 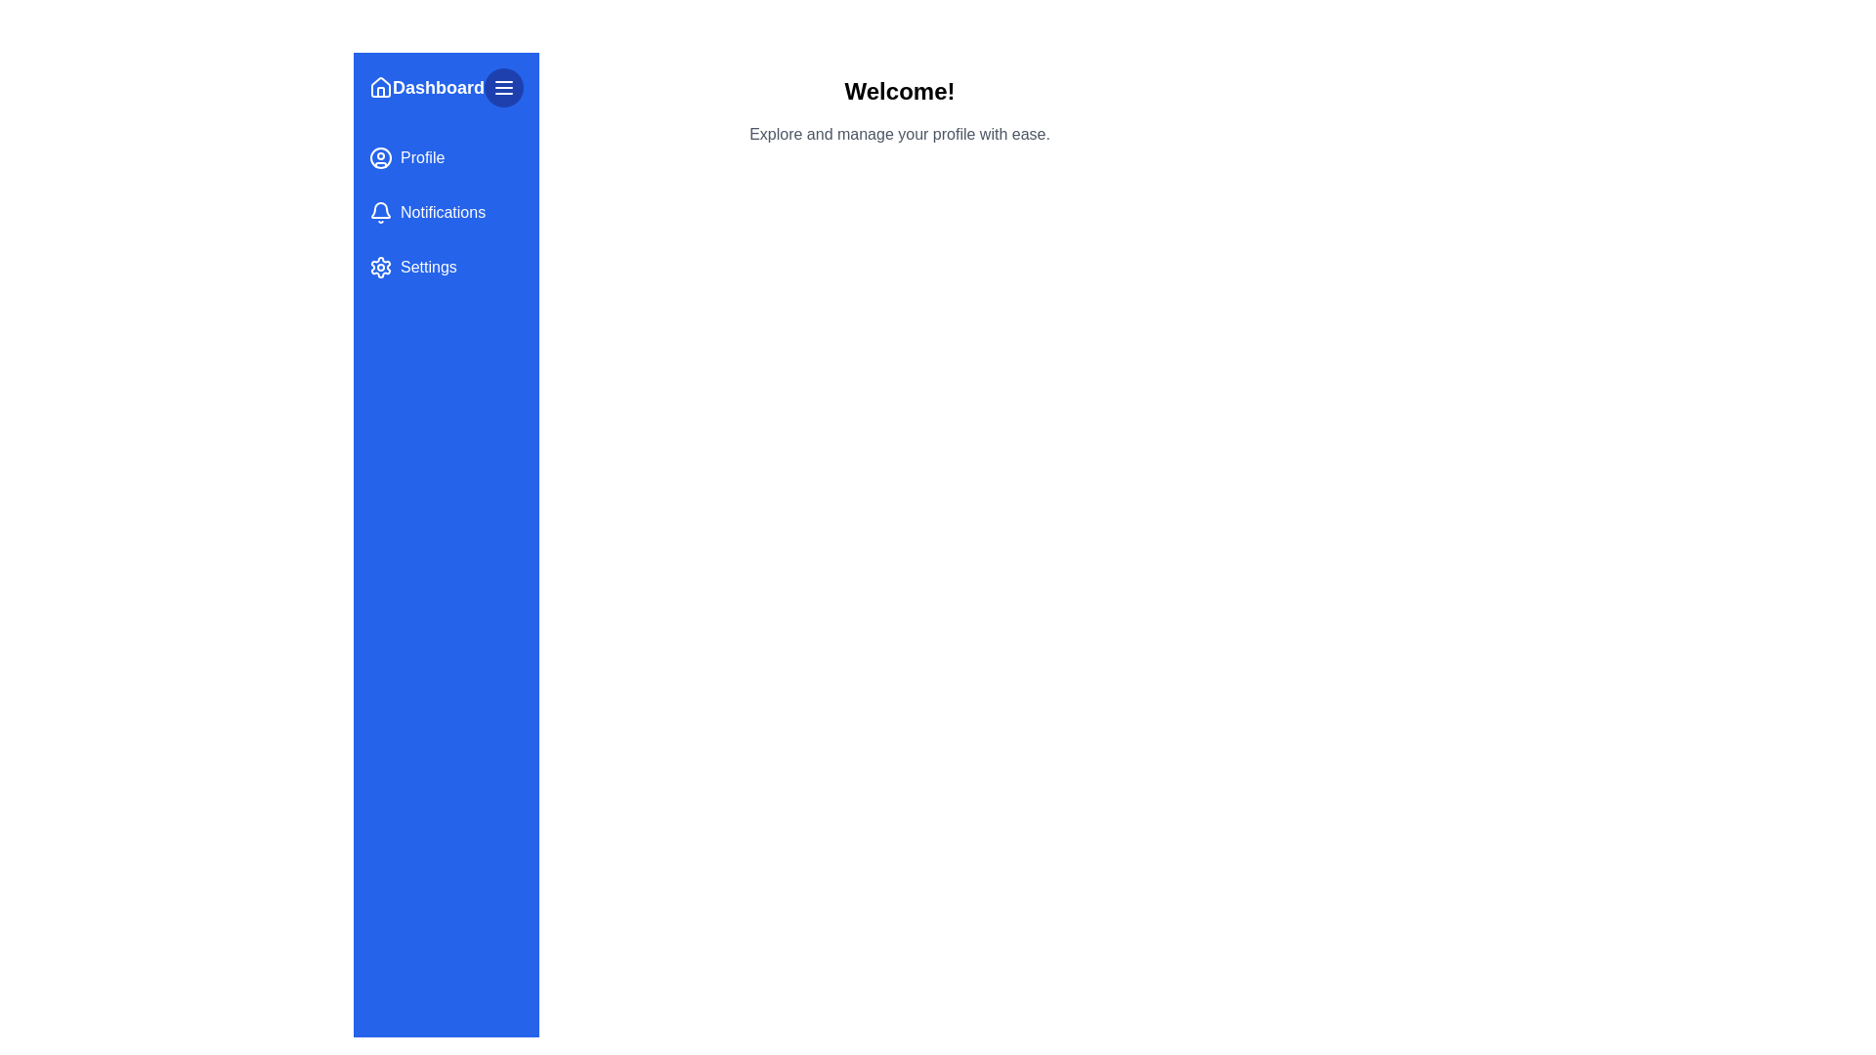 What do you see at coordinates (380, 157) in the screenshot?
I see `the circular profile icon located in the left navigation sidebar, positioned underneath the 'Dashboard' label` at bounding box center [380, 157].